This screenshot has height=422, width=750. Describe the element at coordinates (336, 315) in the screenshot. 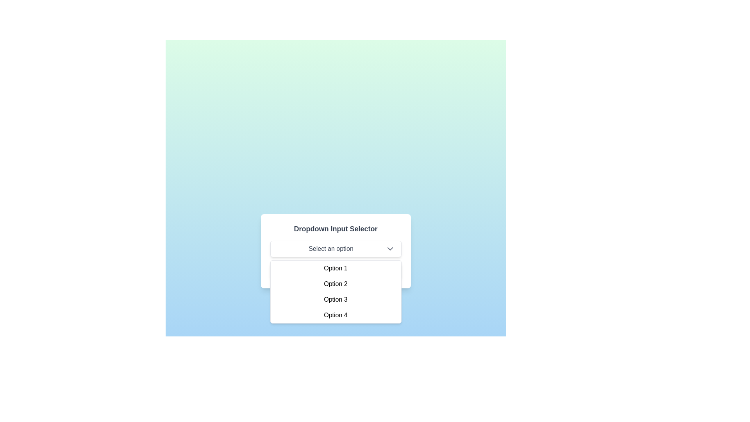

I see `the fourth item in the dropdown list` at that location.